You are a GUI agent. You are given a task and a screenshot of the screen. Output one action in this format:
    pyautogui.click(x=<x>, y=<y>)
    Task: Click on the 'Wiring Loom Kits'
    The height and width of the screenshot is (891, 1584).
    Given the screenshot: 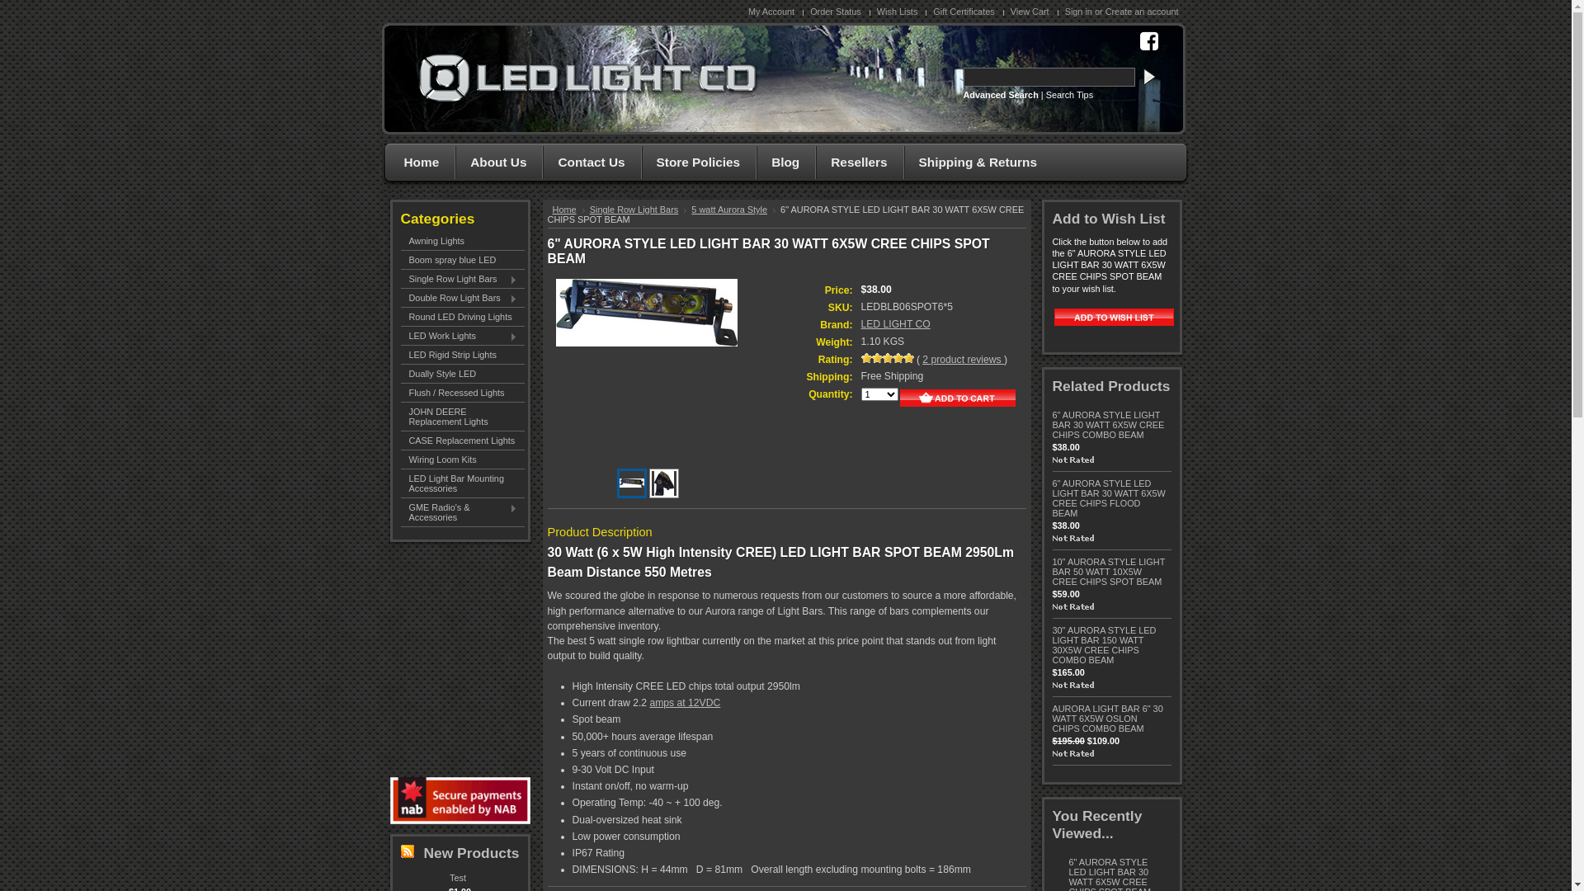 What is the action you would take?
    pyautogui.click(x=462, y=459)
    